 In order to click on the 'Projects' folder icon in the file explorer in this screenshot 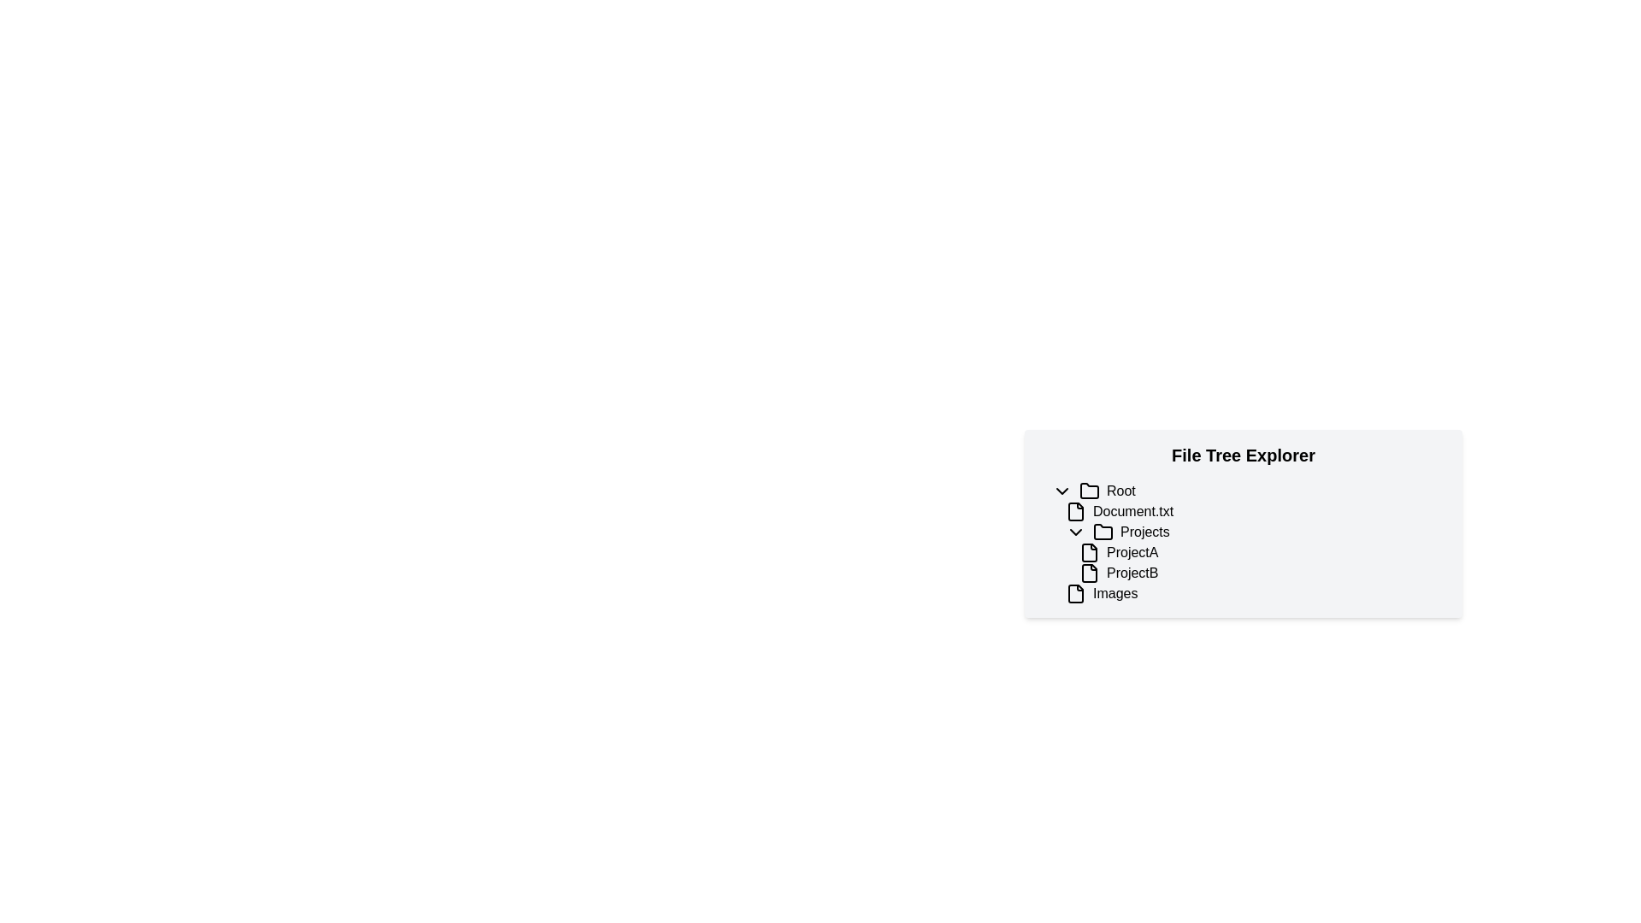, I will do `click(1103, 530)`.